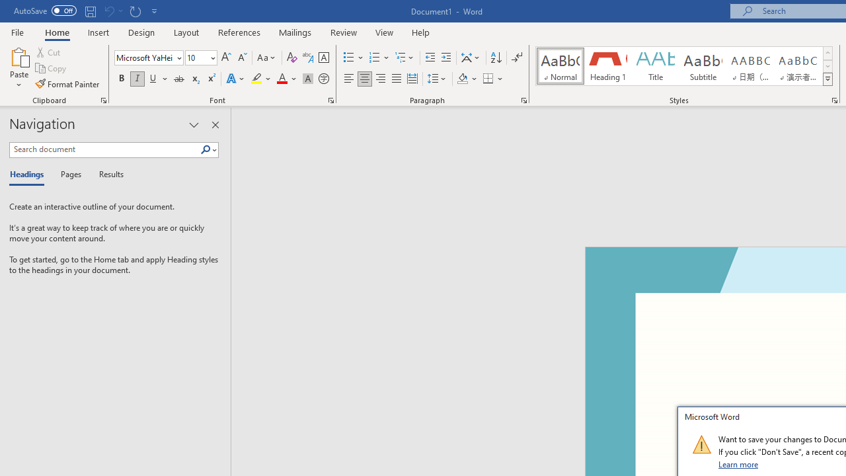  Describe the element at coordinates (738, 463) in the screenshot. I see `'Learn more'` at that location.